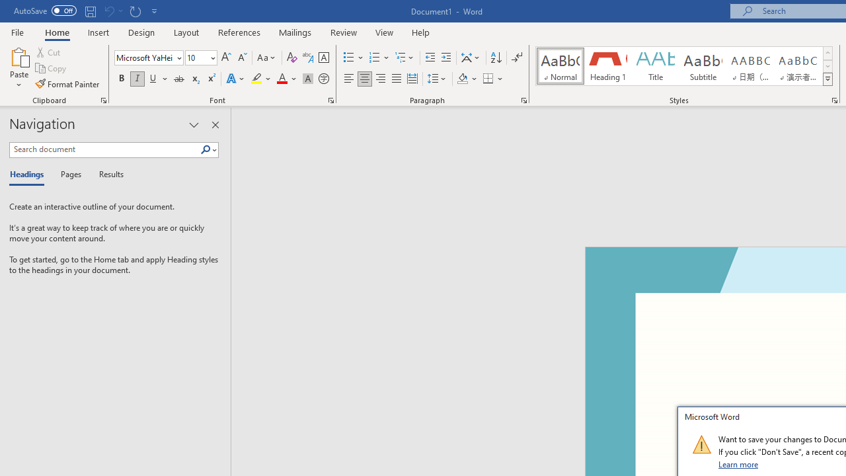  Describe the element at coordinates (738, 463) in the screenshot. I see `'Learn more'` at that location.